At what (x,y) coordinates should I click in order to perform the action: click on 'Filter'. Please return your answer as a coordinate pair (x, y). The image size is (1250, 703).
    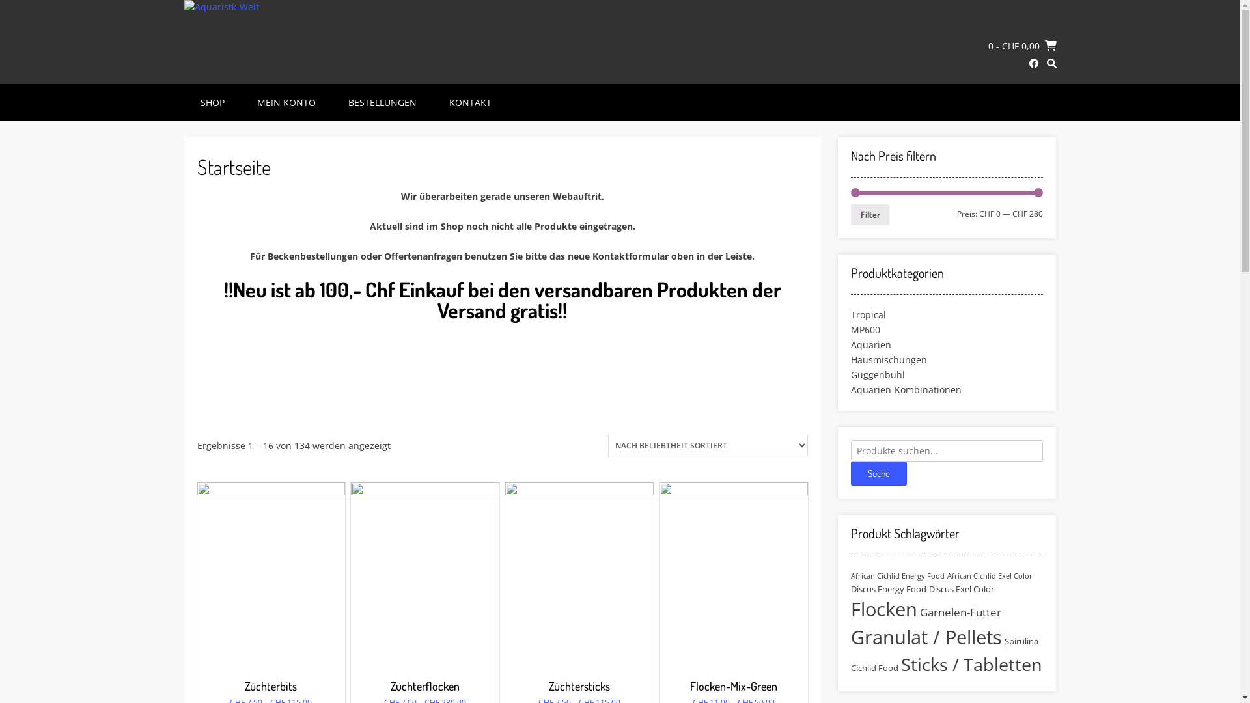
    Looking at the image, I should click on (869, 214).